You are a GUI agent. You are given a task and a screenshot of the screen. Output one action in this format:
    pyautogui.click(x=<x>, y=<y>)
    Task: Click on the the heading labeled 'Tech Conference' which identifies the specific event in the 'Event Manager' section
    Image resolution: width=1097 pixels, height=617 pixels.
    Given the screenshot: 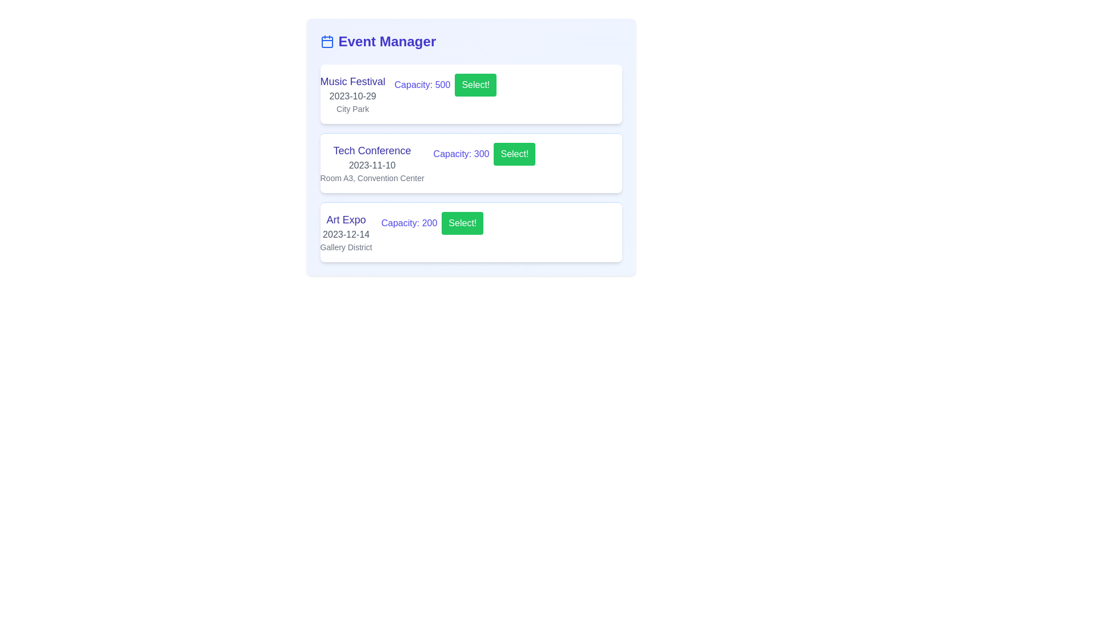 What is the action you would take?
    pyautogui.click(x=372, y=150)
    